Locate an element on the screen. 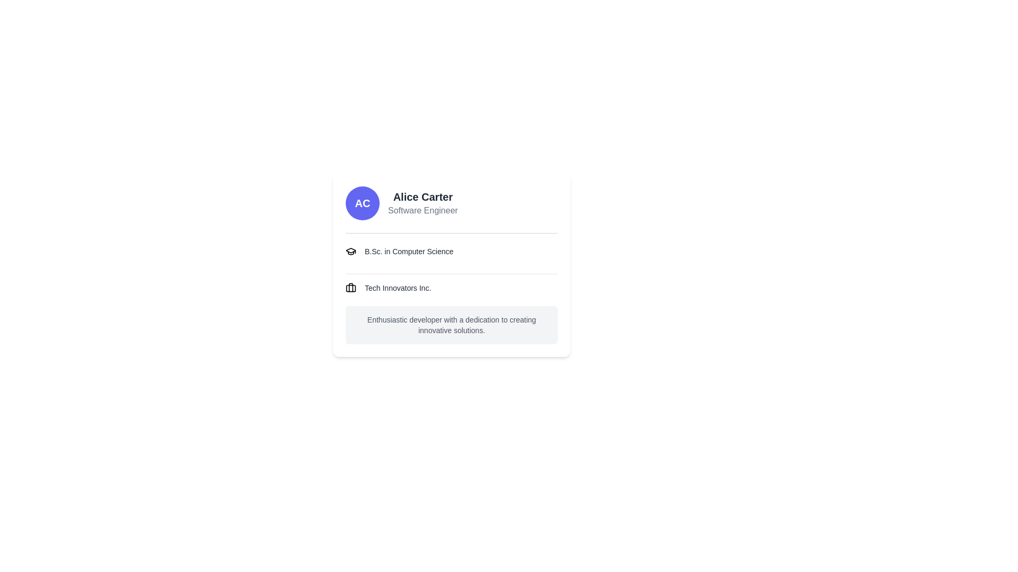  the text 'B.Sc. in Computer Science' if it has a link associated, which is positioned to the right of a graduation cap icon is located at coordinates (408, 251).